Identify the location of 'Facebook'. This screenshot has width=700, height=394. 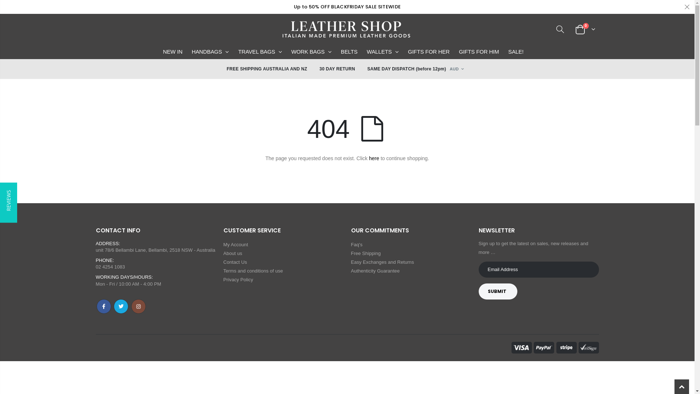
(103, 306).